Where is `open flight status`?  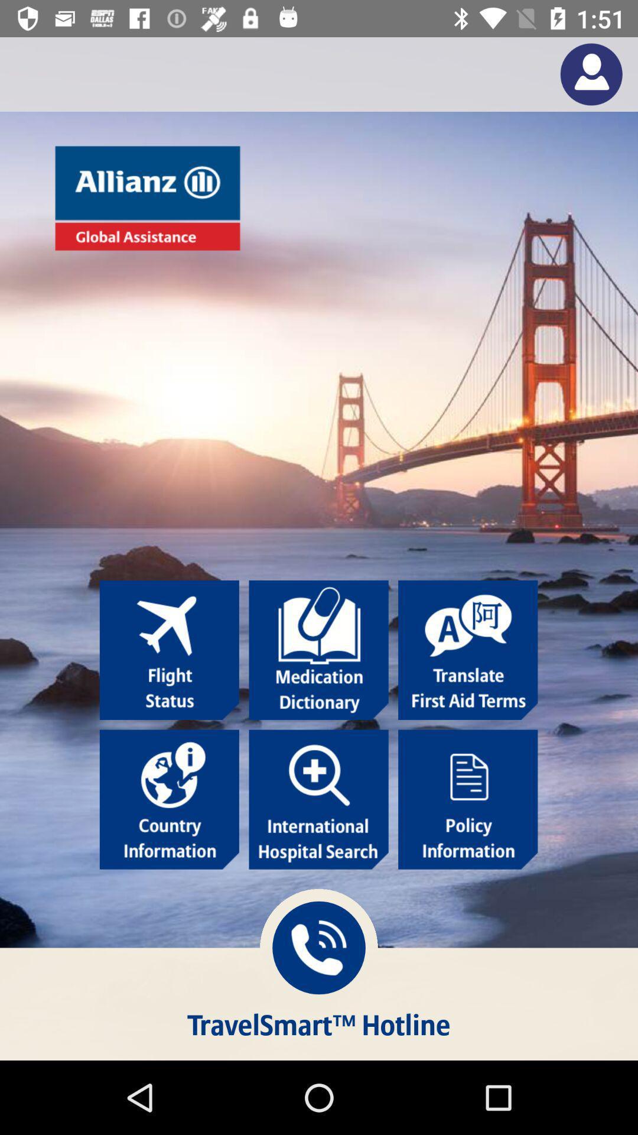 open flight status is located at coordinates (169, 649).